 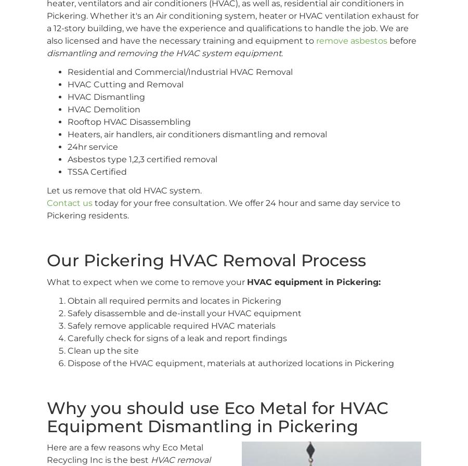 I want to click on 'before', so click(x=401, y=41).